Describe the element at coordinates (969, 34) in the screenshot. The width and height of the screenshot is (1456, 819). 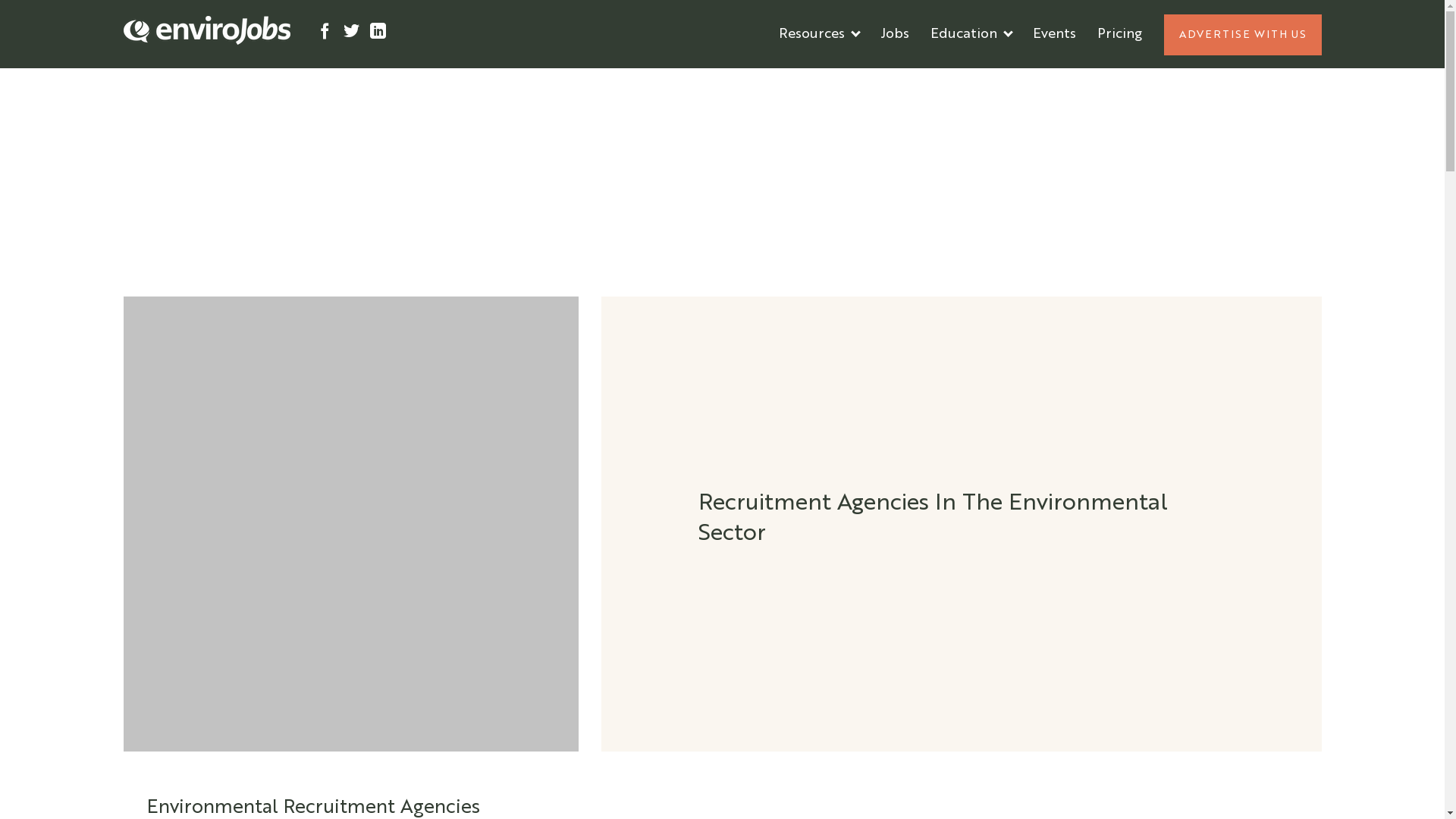
I see `'Education'` at that location.